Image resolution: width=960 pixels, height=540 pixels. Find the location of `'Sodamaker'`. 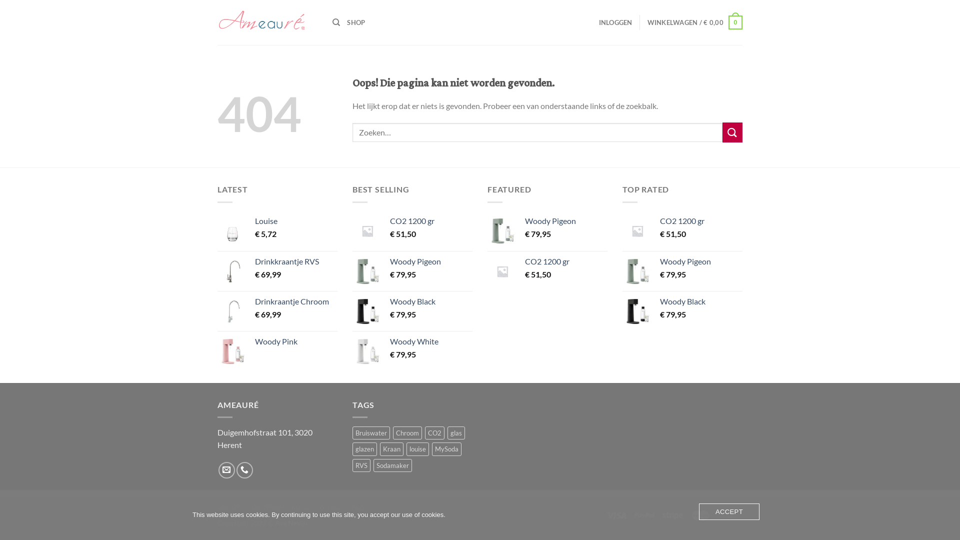

'Sodamaker' is located at coordinates (392, 465).